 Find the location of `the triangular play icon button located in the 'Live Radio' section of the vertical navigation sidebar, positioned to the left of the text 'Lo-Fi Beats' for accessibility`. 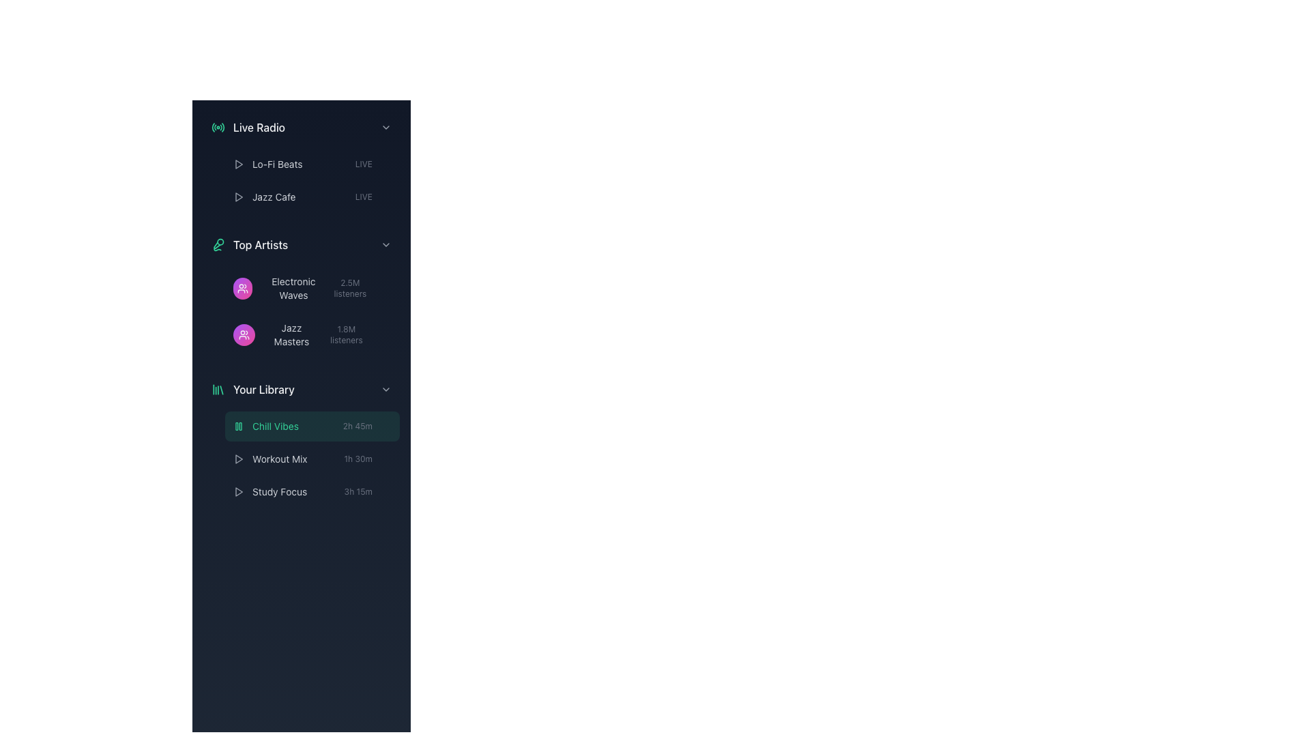

the triangular play icon button located in the 'Live Radio' section of the vertical navigation sidebar, positioned to the left of the text 'Lo-Fi Beats' for accessibility is located at coordinates (239, 163).